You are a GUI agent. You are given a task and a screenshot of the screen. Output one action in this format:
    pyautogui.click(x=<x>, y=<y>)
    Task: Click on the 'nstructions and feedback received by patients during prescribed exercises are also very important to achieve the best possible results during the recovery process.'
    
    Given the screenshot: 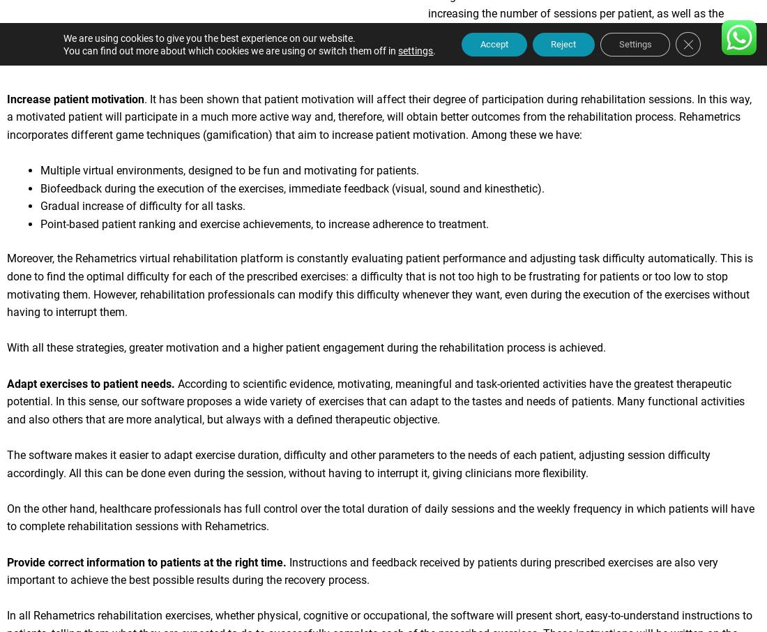 What is the action you would take?
    pyautogui.click(x=362, y=575)
    